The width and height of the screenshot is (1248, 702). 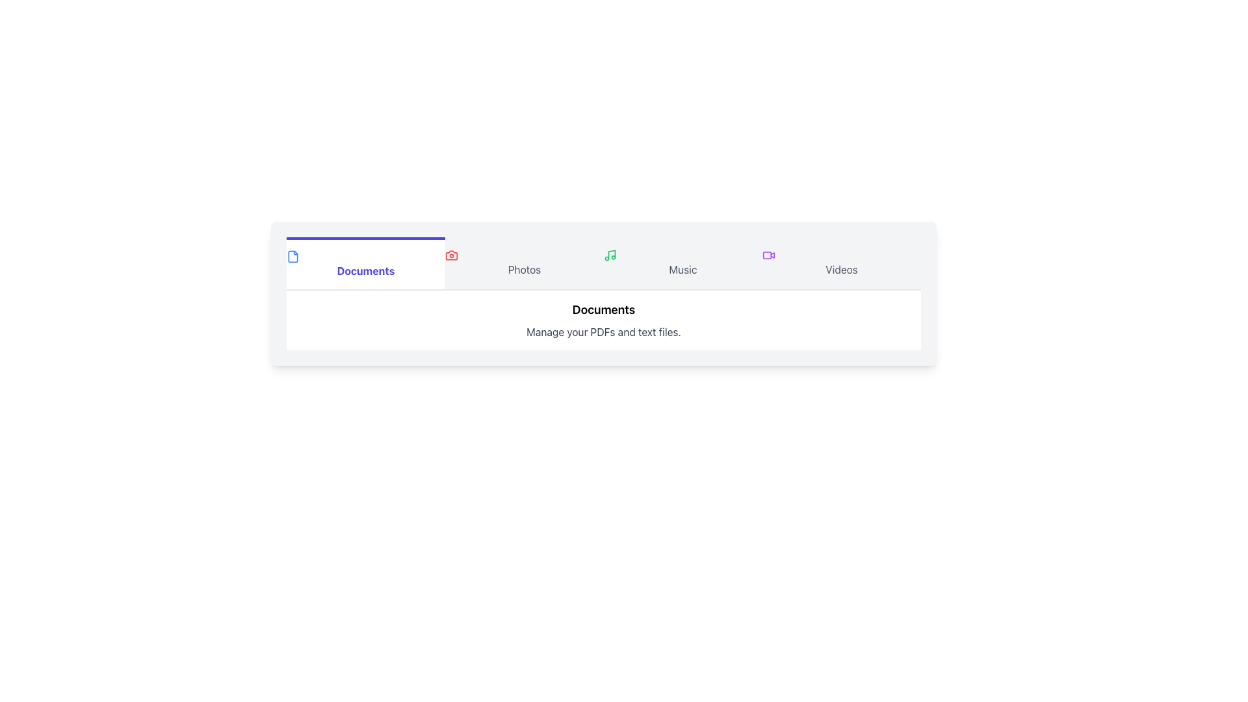 I want to click on the blue outline file icon located at the far left of the 'Documents' section, which features a document symbol and precedes the textual label, so click(x=292, y=256).